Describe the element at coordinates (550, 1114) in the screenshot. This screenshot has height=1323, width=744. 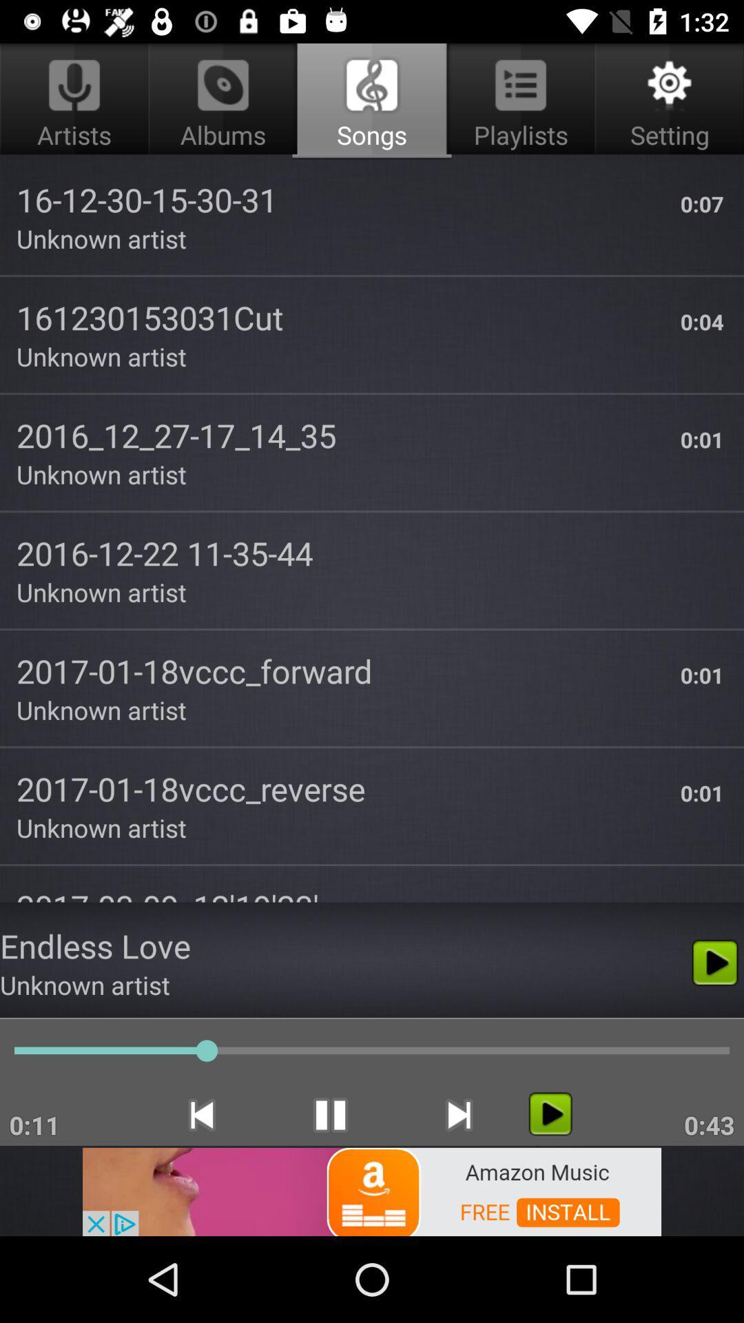
I see `any artist album or playlist on shuffle mode` at that location.